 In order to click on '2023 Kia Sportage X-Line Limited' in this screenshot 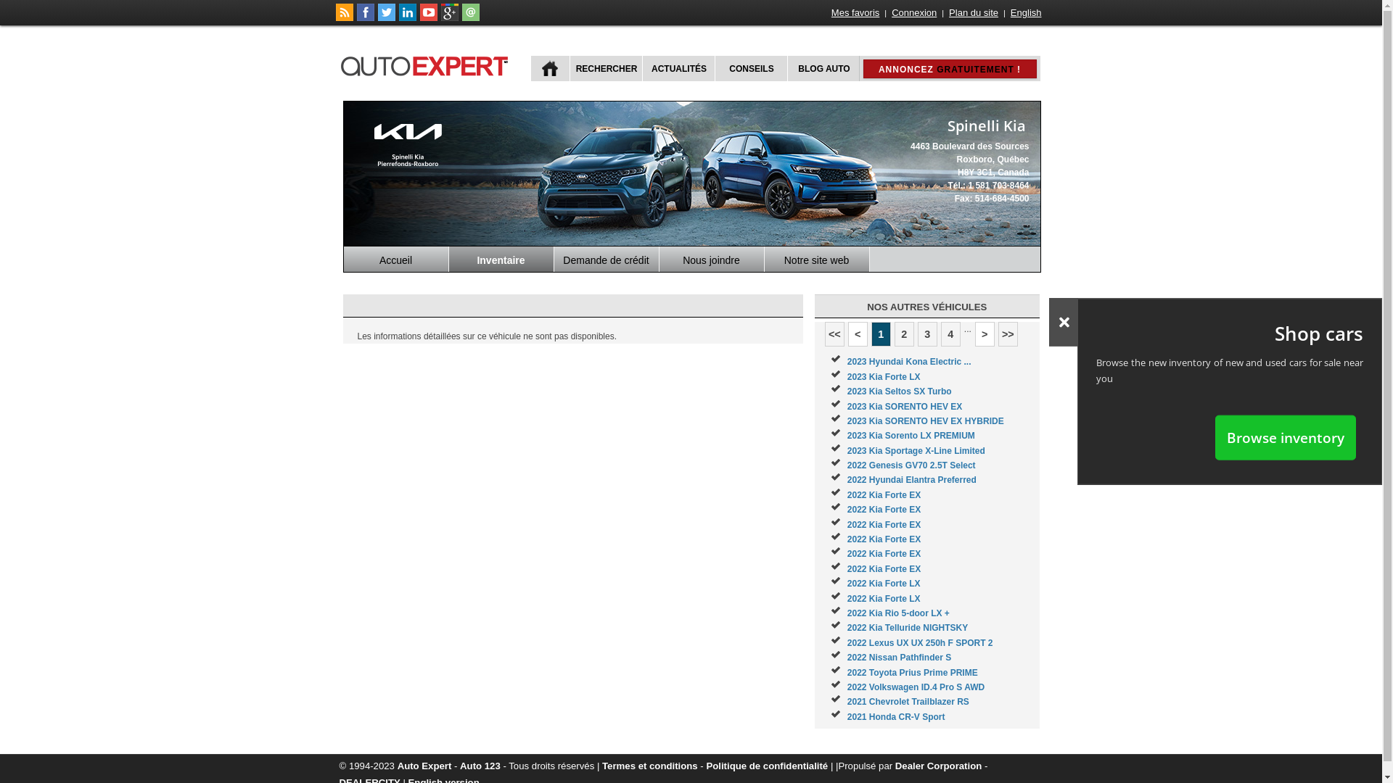, I will do `click(915, 449)`.